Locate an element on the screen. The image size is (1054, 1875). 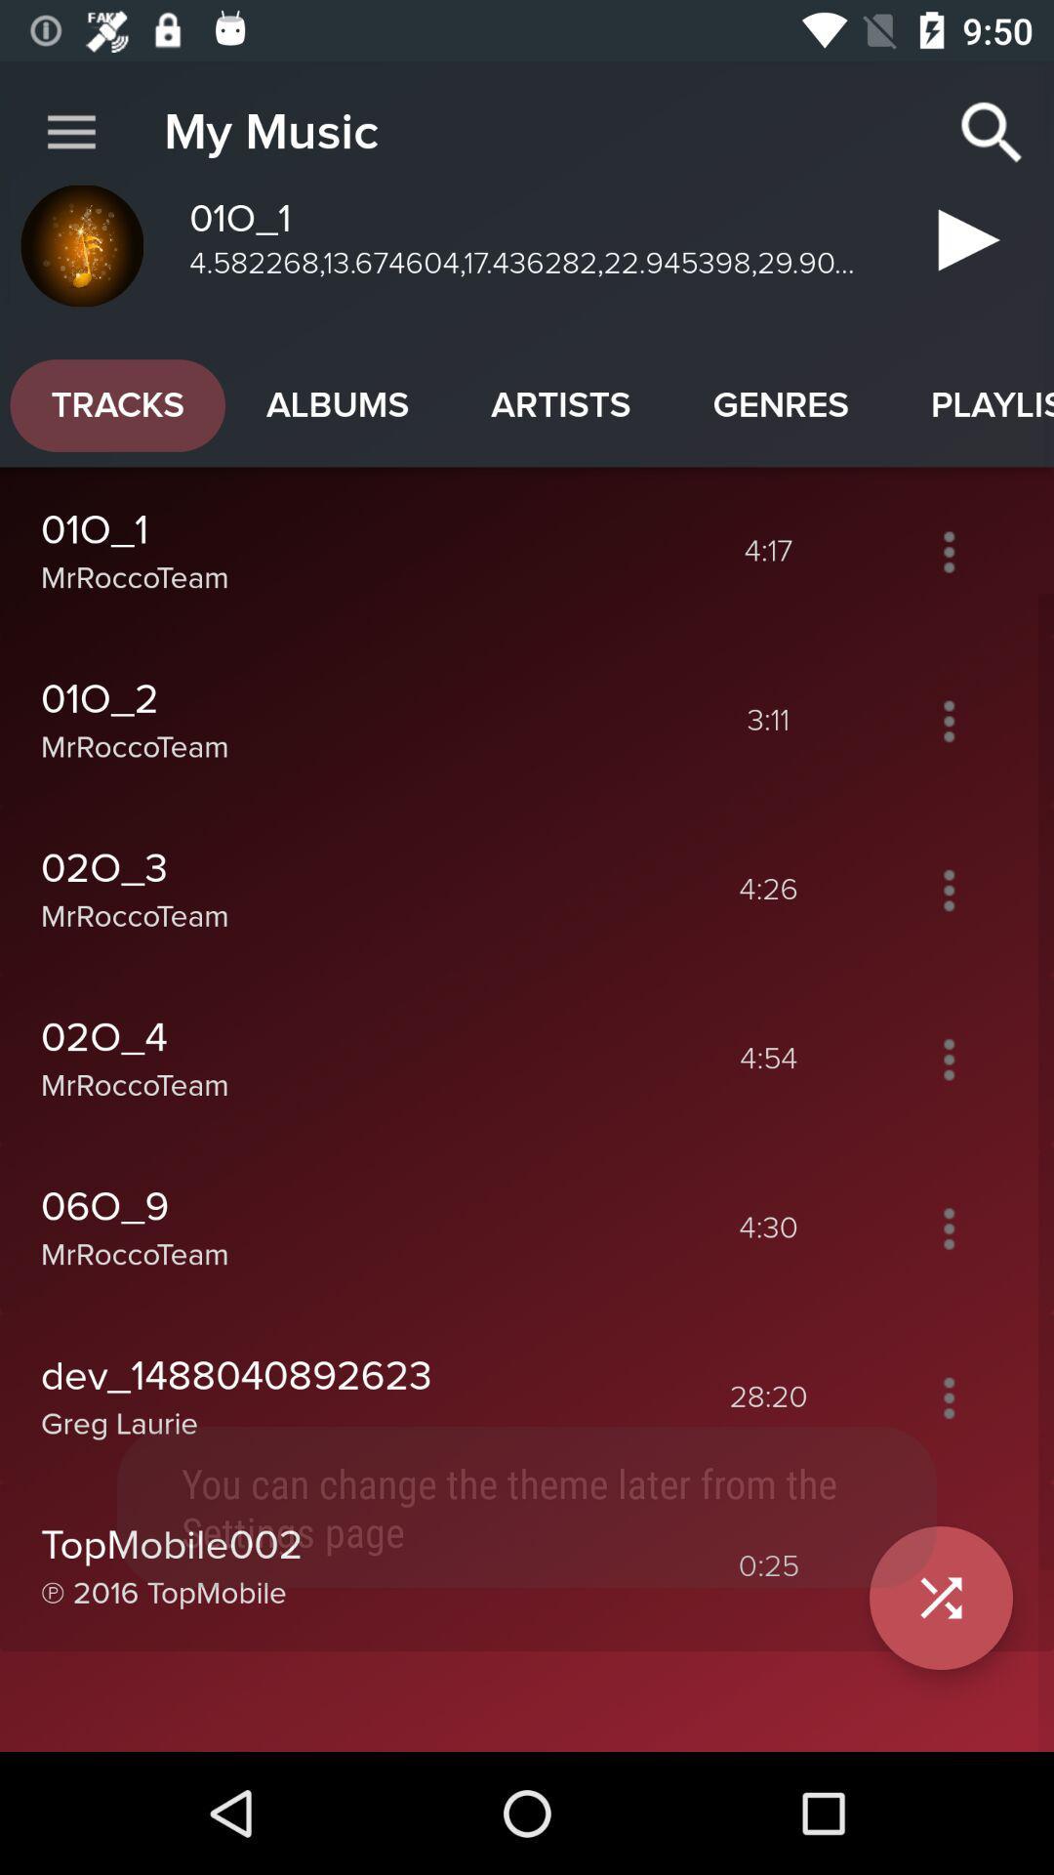
the app to the left of the albums is located at coordinates (117, 404).